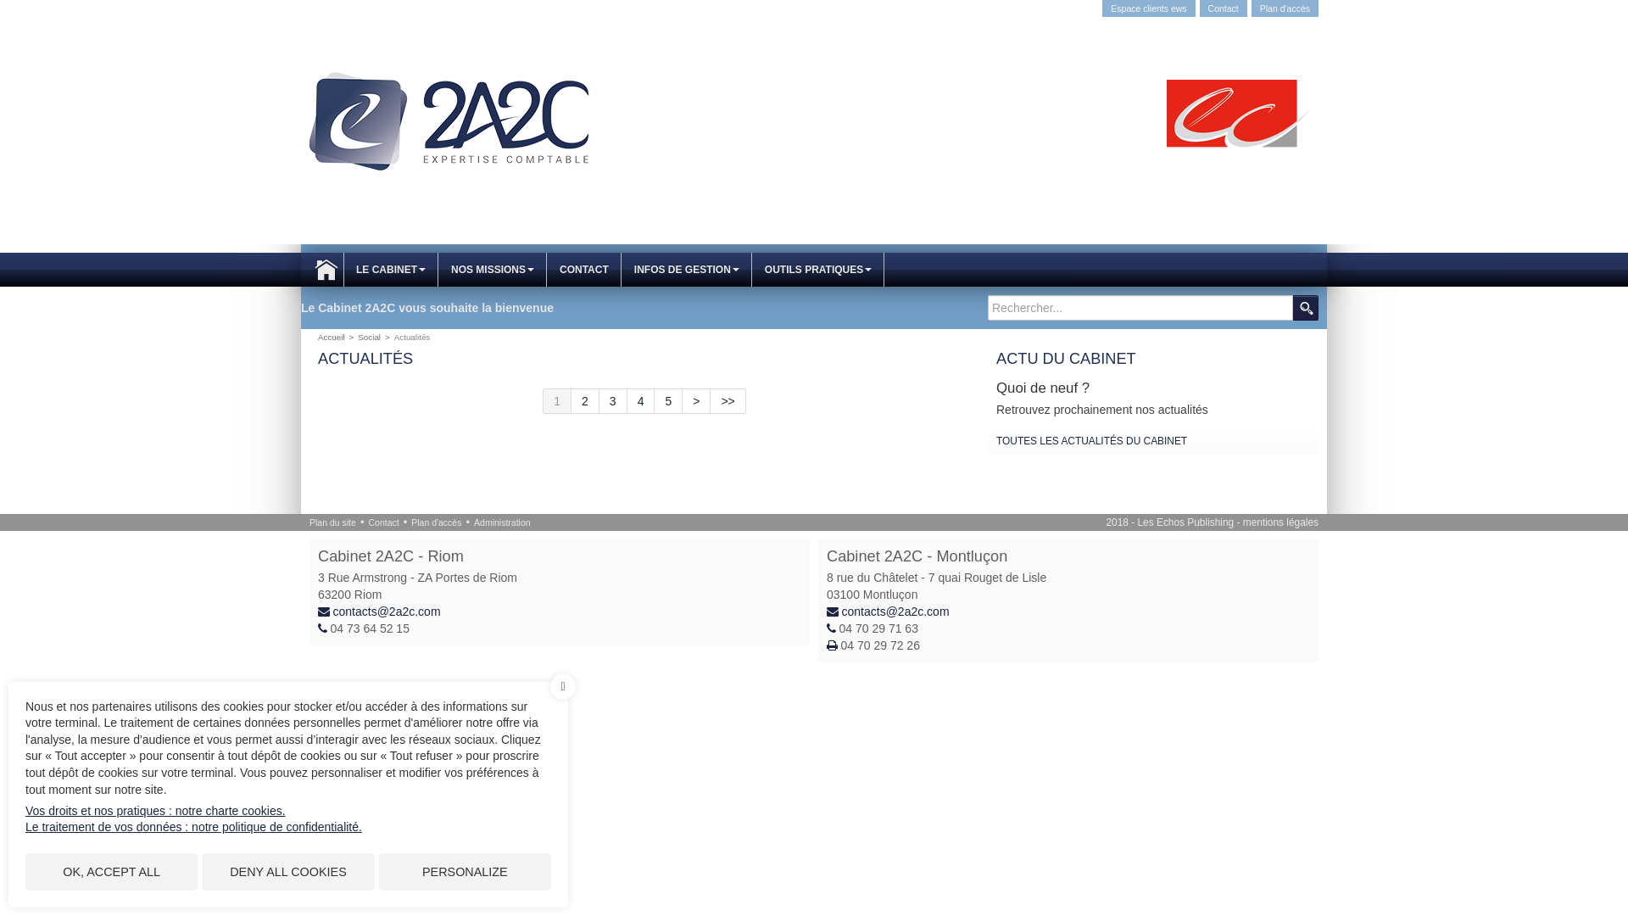 The height and width of the screenshot is (916, 1628). I want to click on 'contacts@2a2c.com', so click(385, 612).